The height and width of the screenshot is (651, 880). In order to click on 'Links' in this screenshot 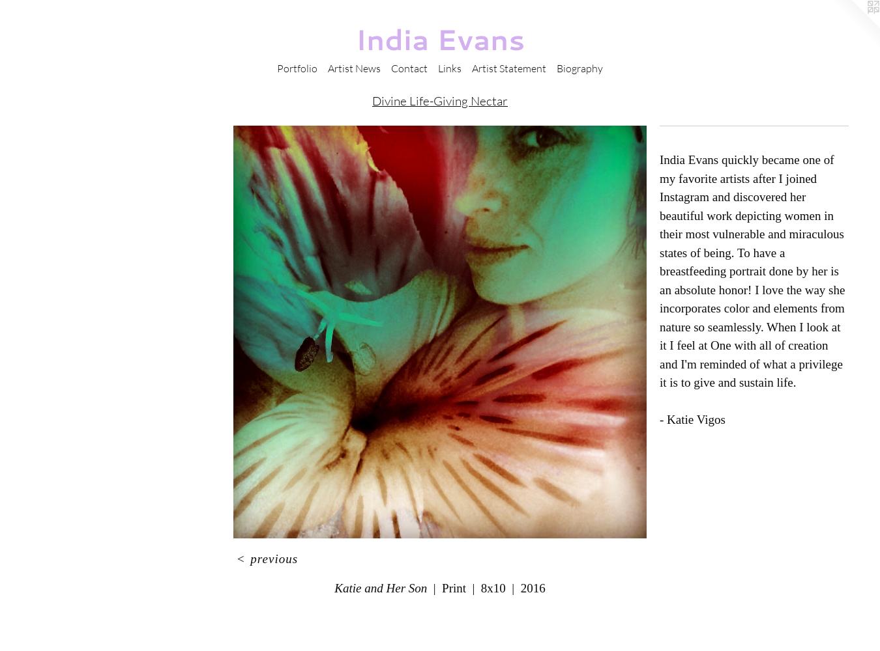, I will do `click(448, 68)`.